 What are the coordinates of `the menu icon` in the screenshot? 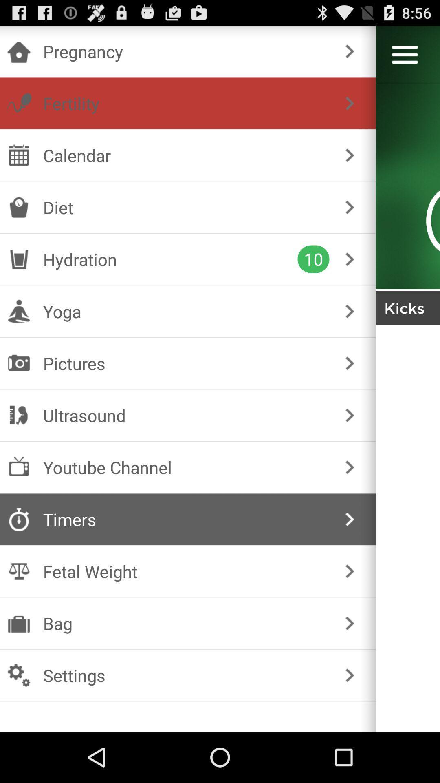 It's located at (405, 58).